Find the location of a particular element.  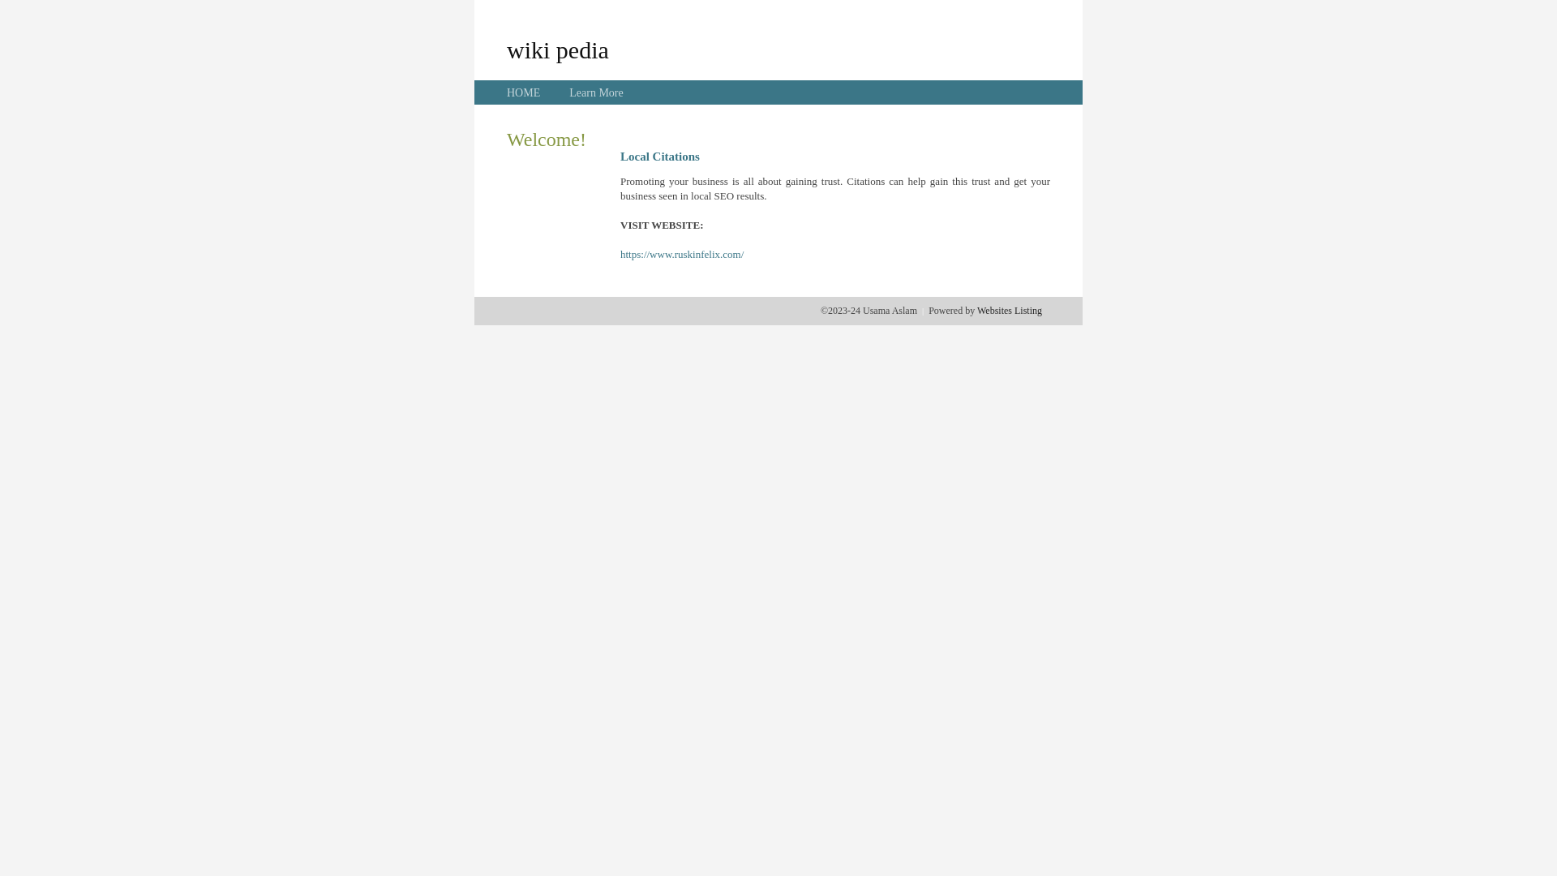

'wiki pedia' is located at coordinates (557, 49).